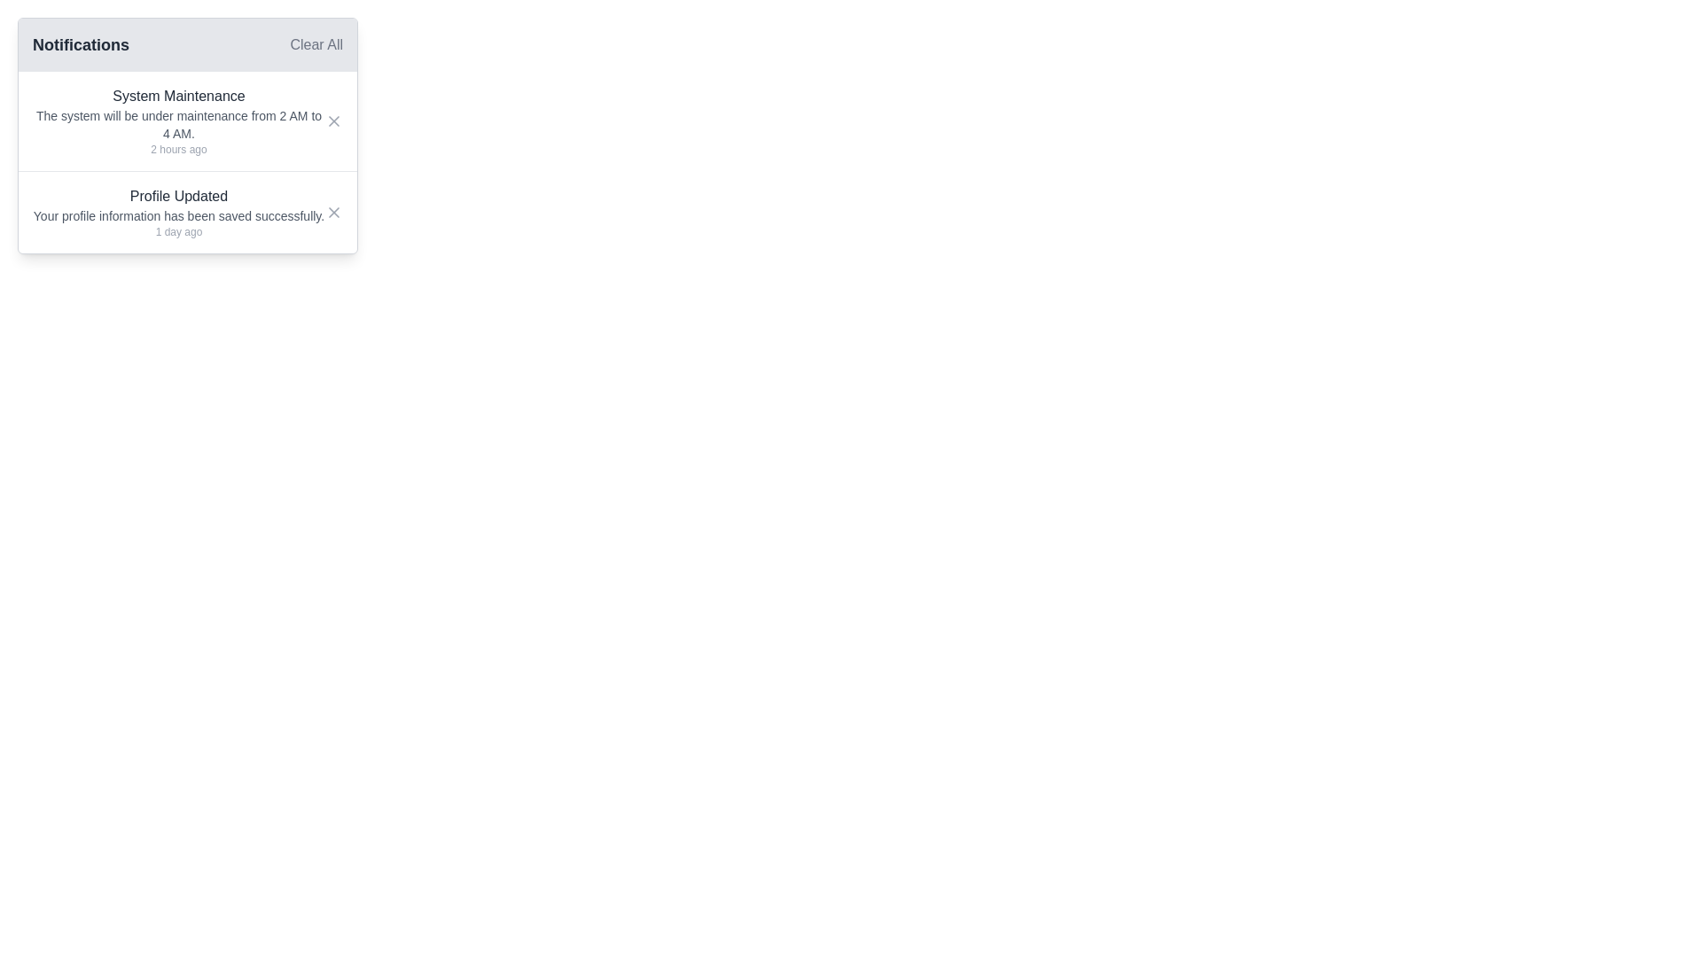  Describe the element at coordinates (334, 211) in the screenshot. I see `the 'X' icon located at the top-right corner of the notification card interface` at that location.